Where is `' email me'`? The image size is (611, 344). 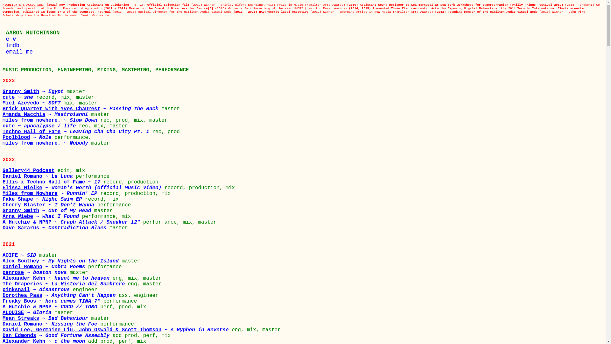
' email me' is located at coordinates (18, 51).